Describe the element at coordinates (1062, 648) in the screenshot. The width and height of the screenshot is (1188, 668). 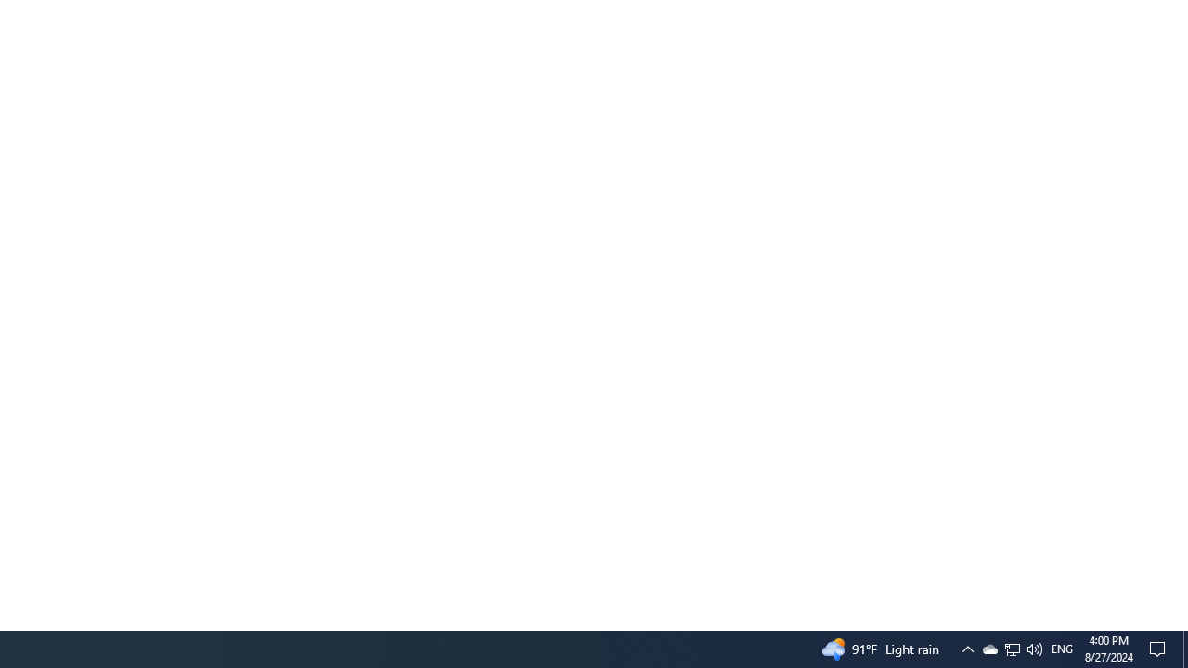
I see `'Q2790: 100%'` at that location.